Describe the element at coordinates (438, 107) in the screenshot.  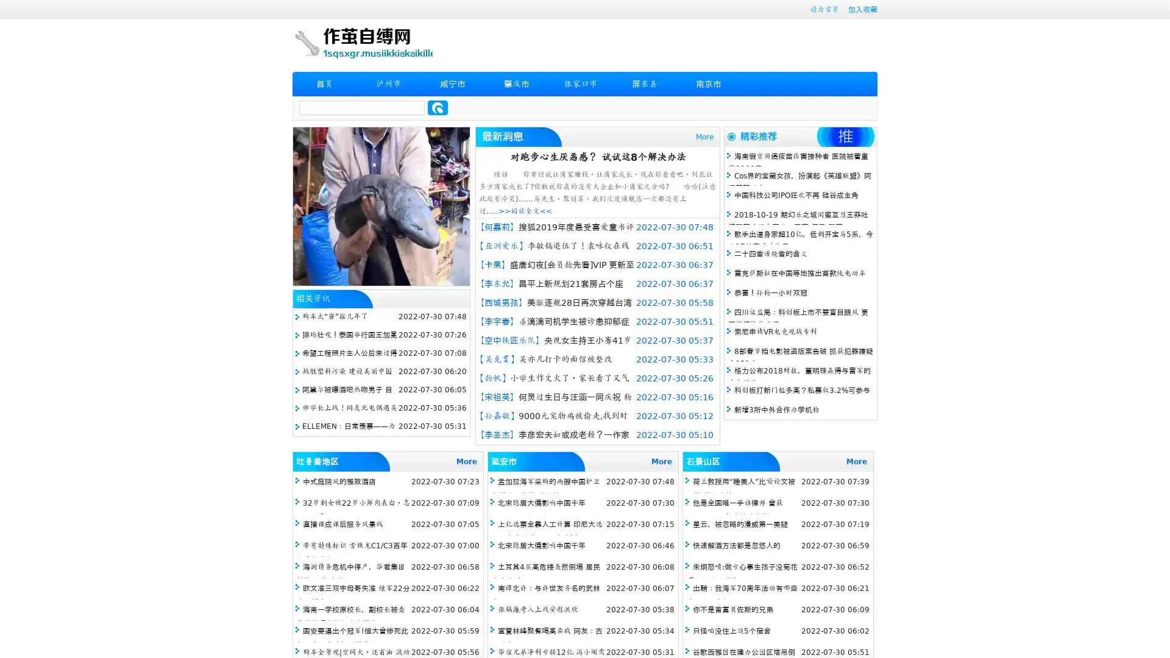
I see `Search` at that location.